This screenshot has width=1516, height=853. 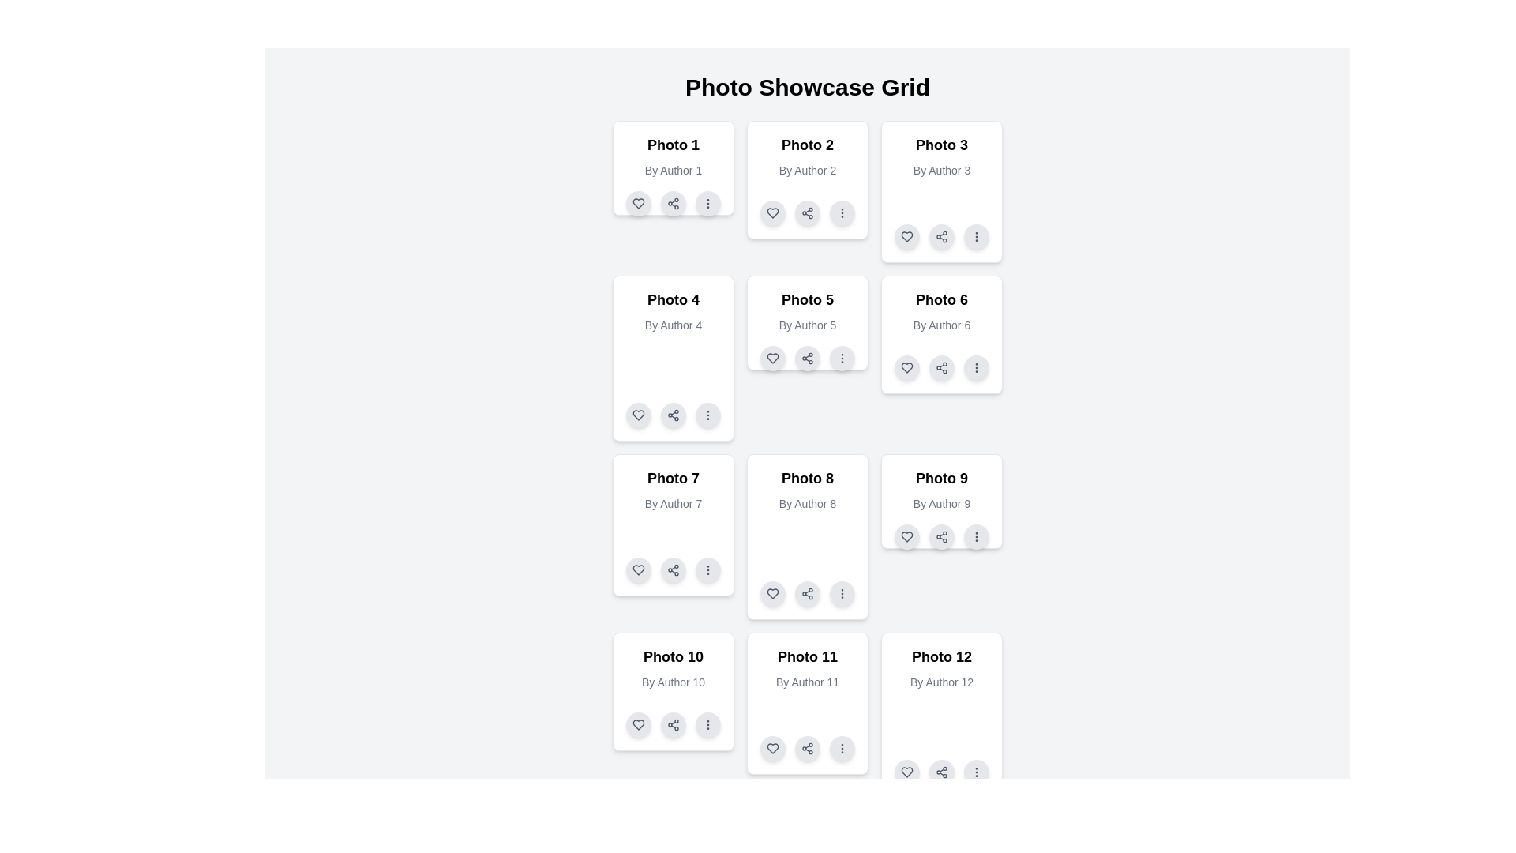 What do you see at coordinates (639, 569) in the screenshot?
I see `the heart icon button located in the left-most position of the three icons at the lower part of the seventh photo card to express a like action on the associated photo` at bounding box center [639, 569].